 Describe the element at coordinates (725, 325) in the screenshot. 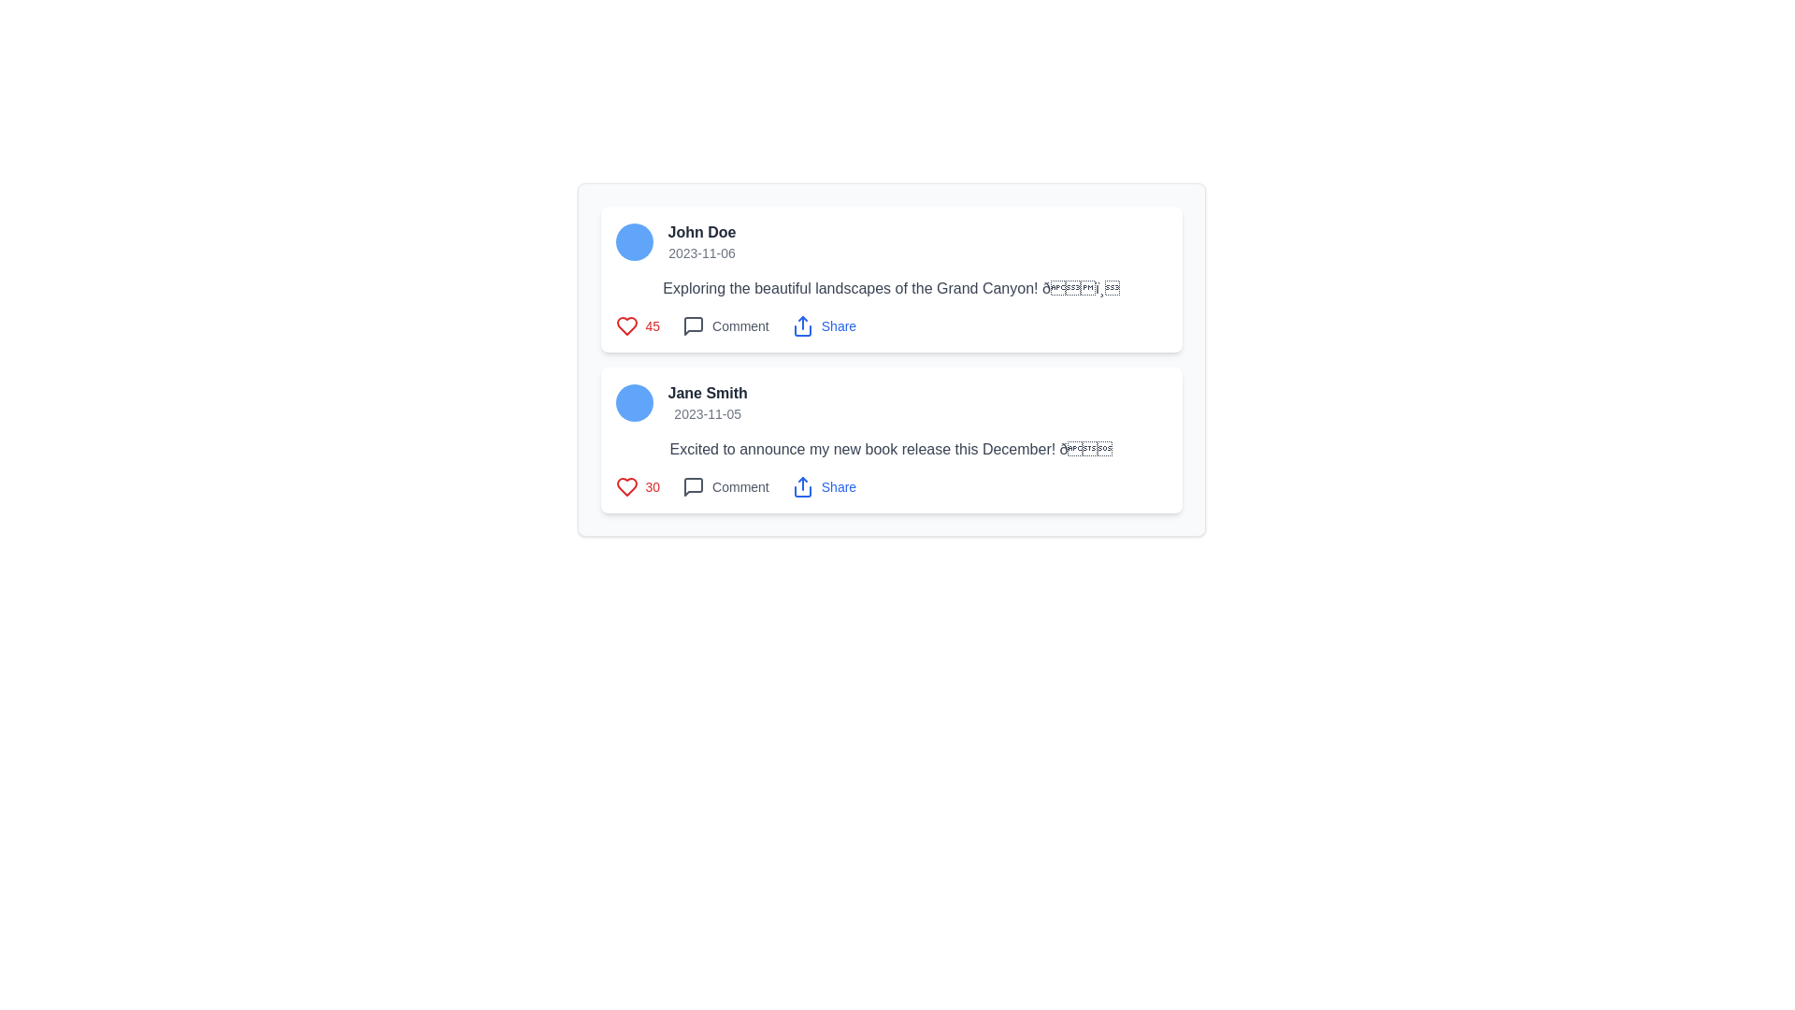

I see `the comment button located in the middle action area of John Doe's post` at that location.